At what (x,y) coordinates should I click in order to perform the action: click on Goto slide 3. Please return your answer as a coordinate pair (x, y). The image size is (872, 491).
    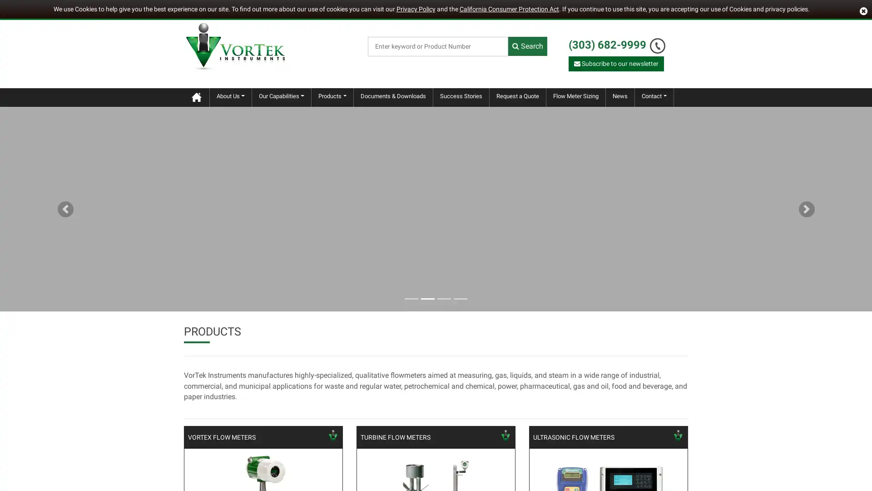
    Looking at the image, I should click on (444, 280).